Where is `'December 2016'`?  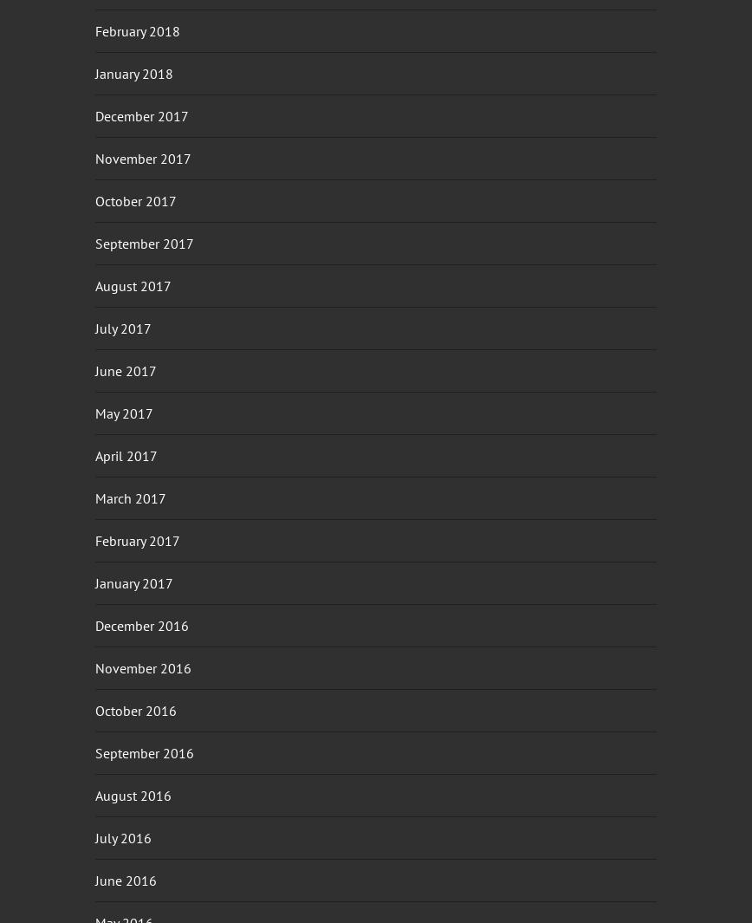
'December 2016' is located at coordinates (94, 625).